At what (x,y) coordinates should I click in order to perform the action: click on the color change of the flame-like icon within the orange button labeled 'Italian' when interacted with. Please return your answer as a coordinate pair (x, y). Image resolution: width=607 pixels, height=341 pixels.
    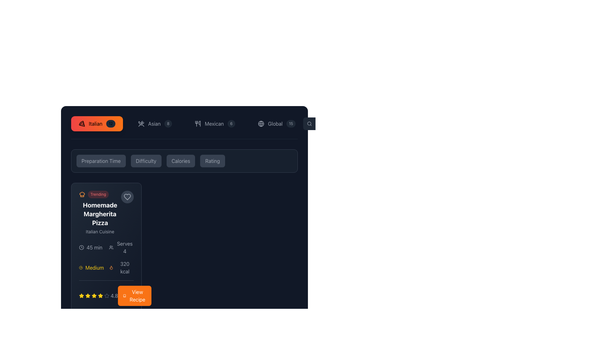
    Looking at the image, I should click on (111, 268).